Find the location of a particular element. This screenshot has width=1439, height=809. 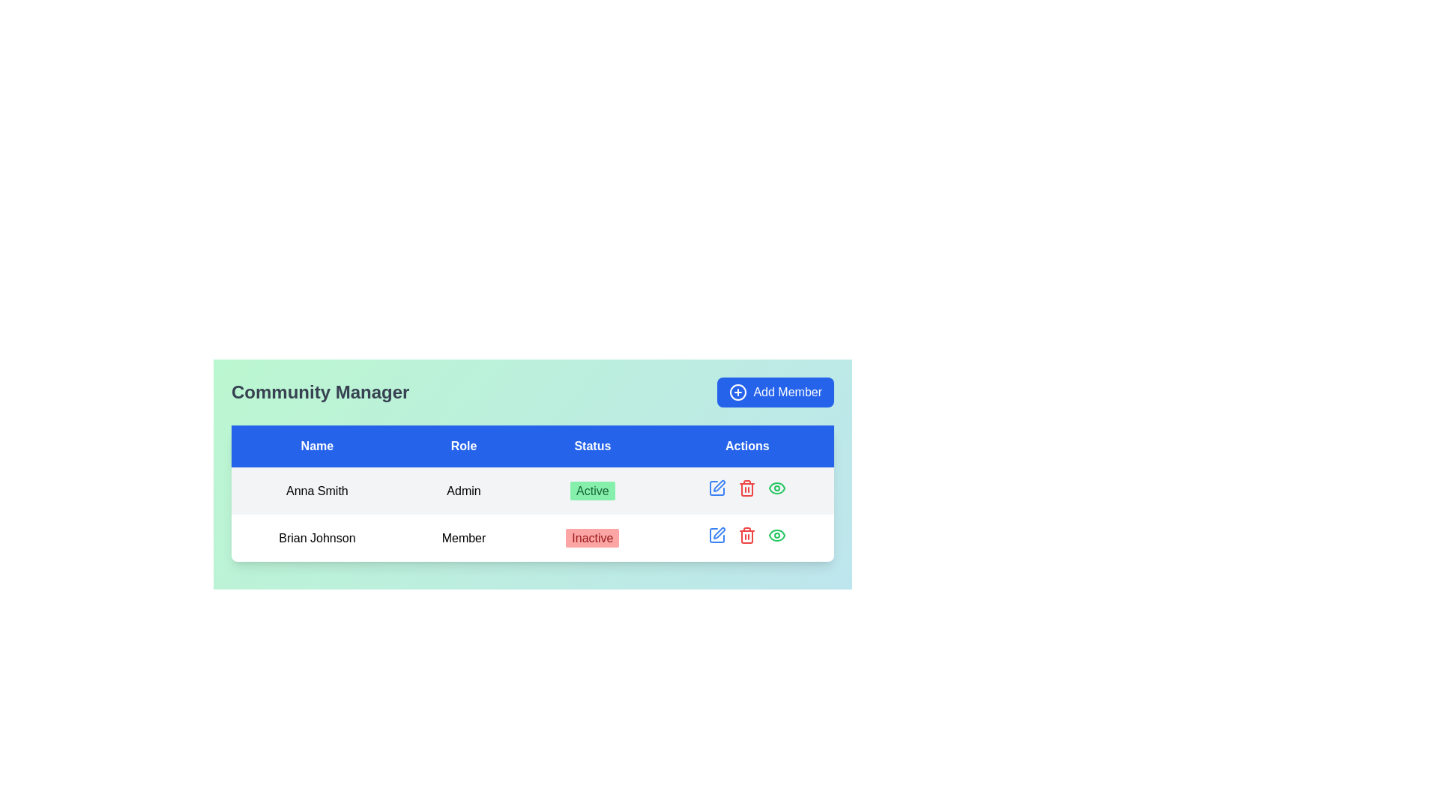

the Text label in the 'Role' column of the table, which corresponds is located at coordinates (463, 491).